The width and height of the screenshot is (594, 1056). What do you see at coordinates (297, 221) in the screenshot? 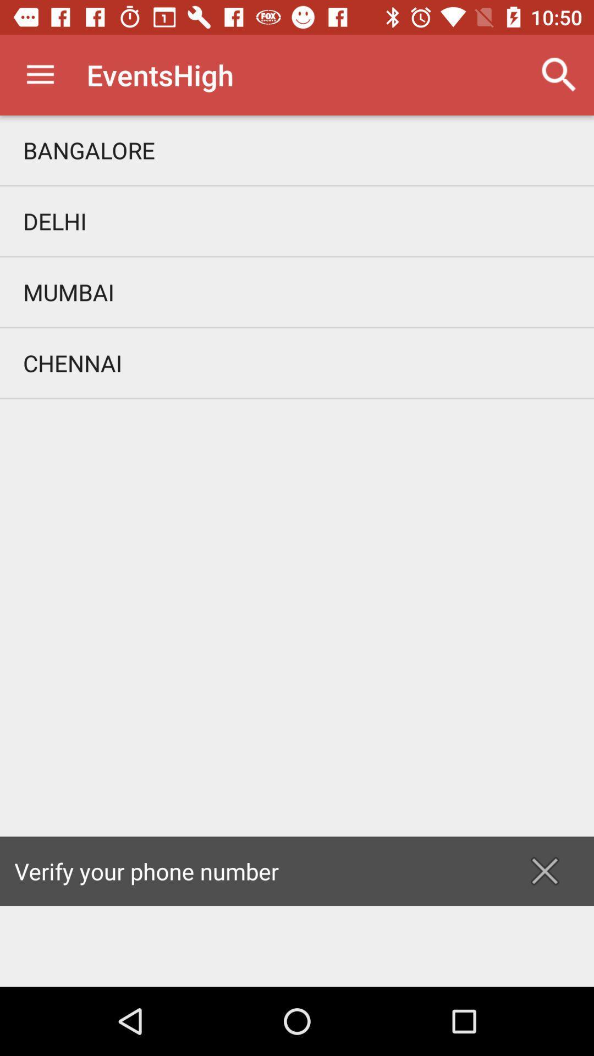
I see `item above mumbai` at bounding box center [297, 221].